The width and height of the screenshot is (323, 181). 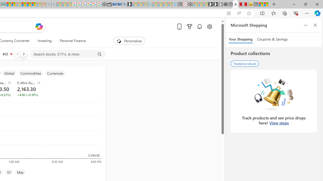 I want to click on 'Kinda Frugal - MSN', so click(x=28, y=4).